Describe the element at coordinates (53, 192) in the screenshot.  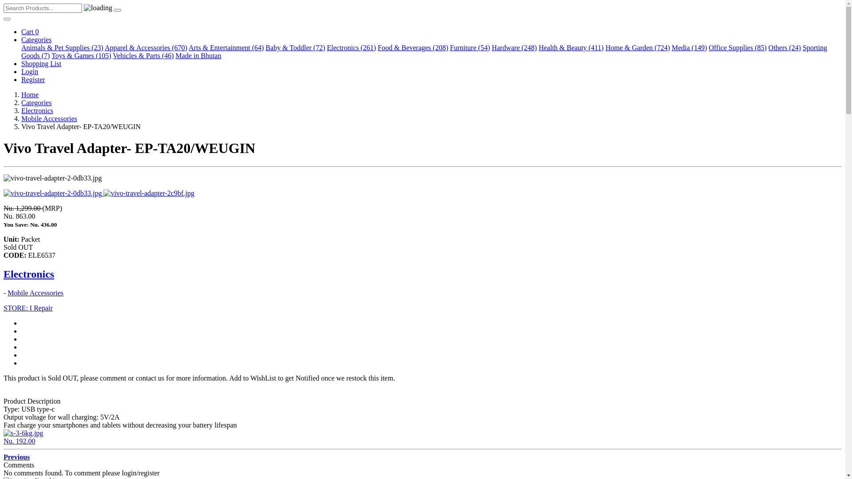
I see `'Vivo Travel Adapter- EP-TA20/WEUGIN'` at that location.